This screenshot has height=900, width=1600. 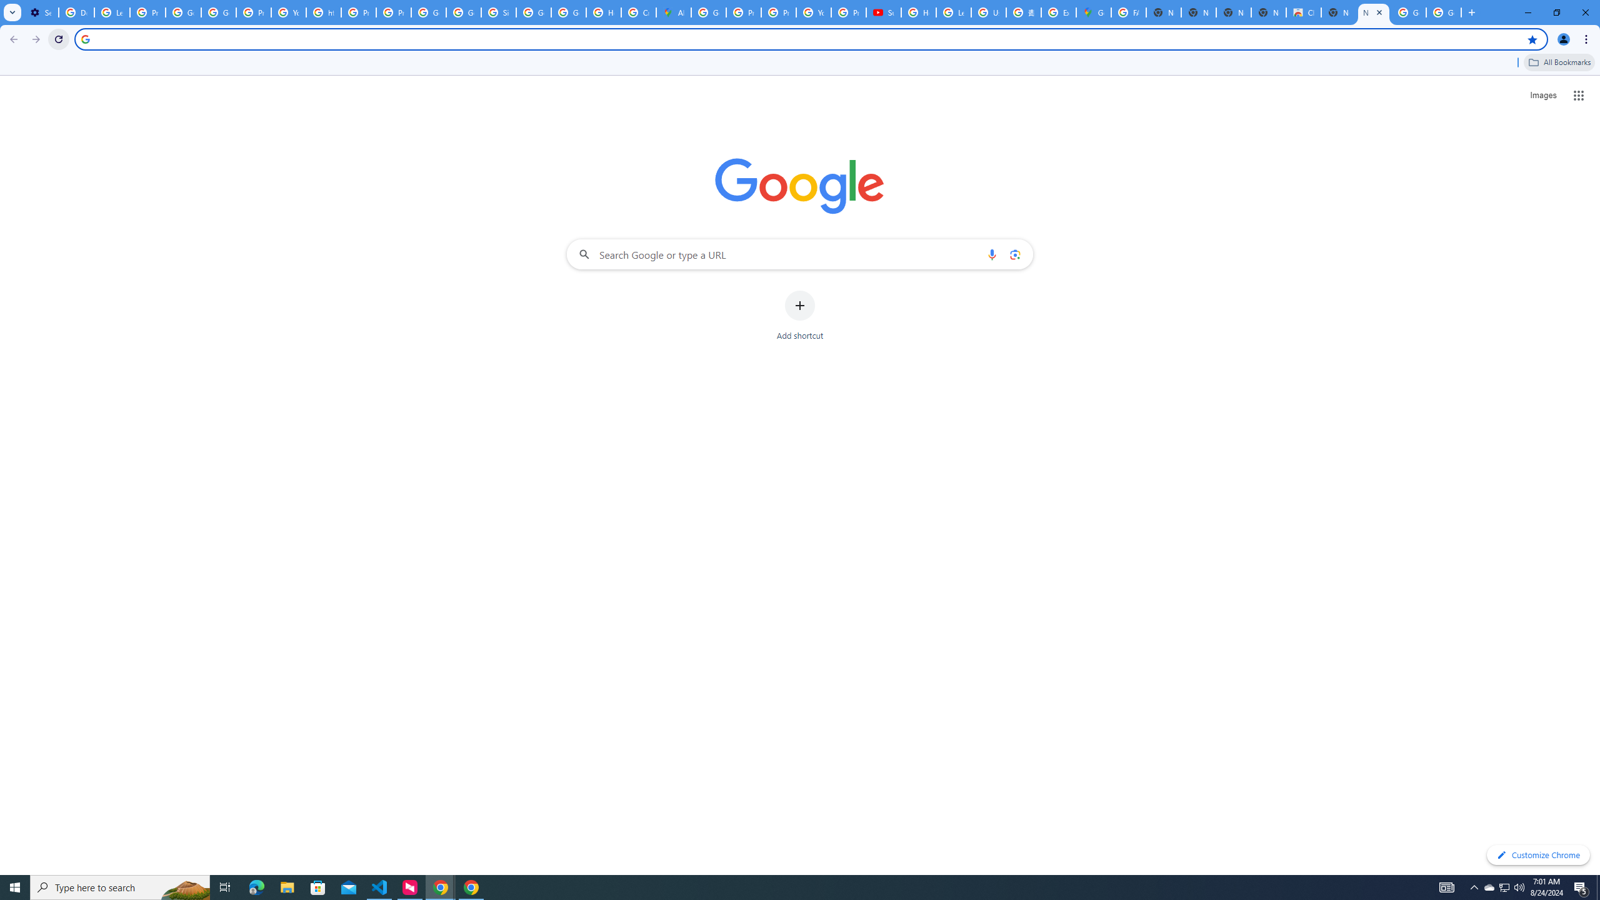 I want to click on 'Delete photos & videos - Computer - Google Photos Help', so click(x=76, y=12).